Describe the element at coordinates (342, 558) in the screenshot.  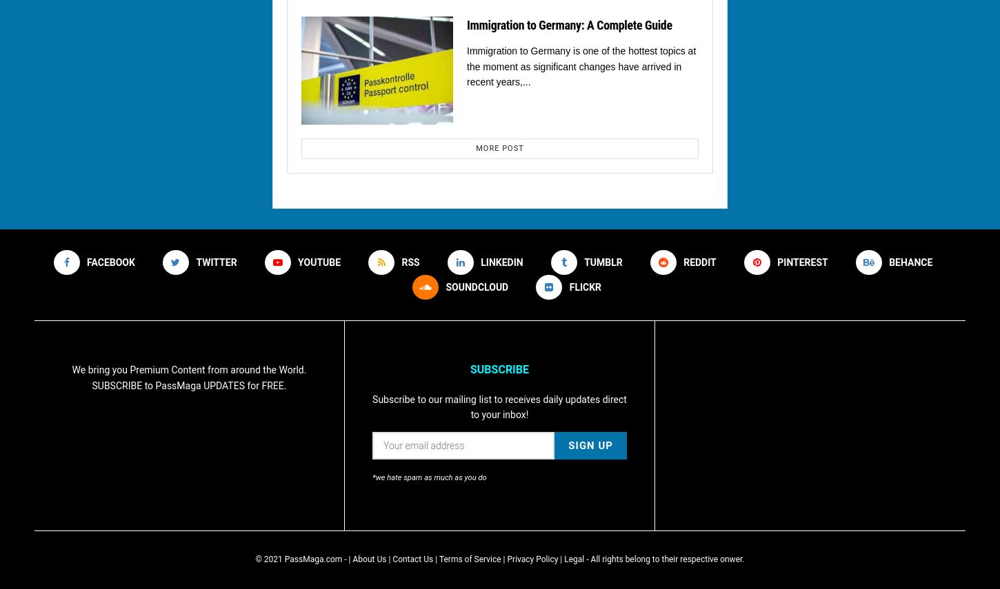
I see `'- |'` at that location.